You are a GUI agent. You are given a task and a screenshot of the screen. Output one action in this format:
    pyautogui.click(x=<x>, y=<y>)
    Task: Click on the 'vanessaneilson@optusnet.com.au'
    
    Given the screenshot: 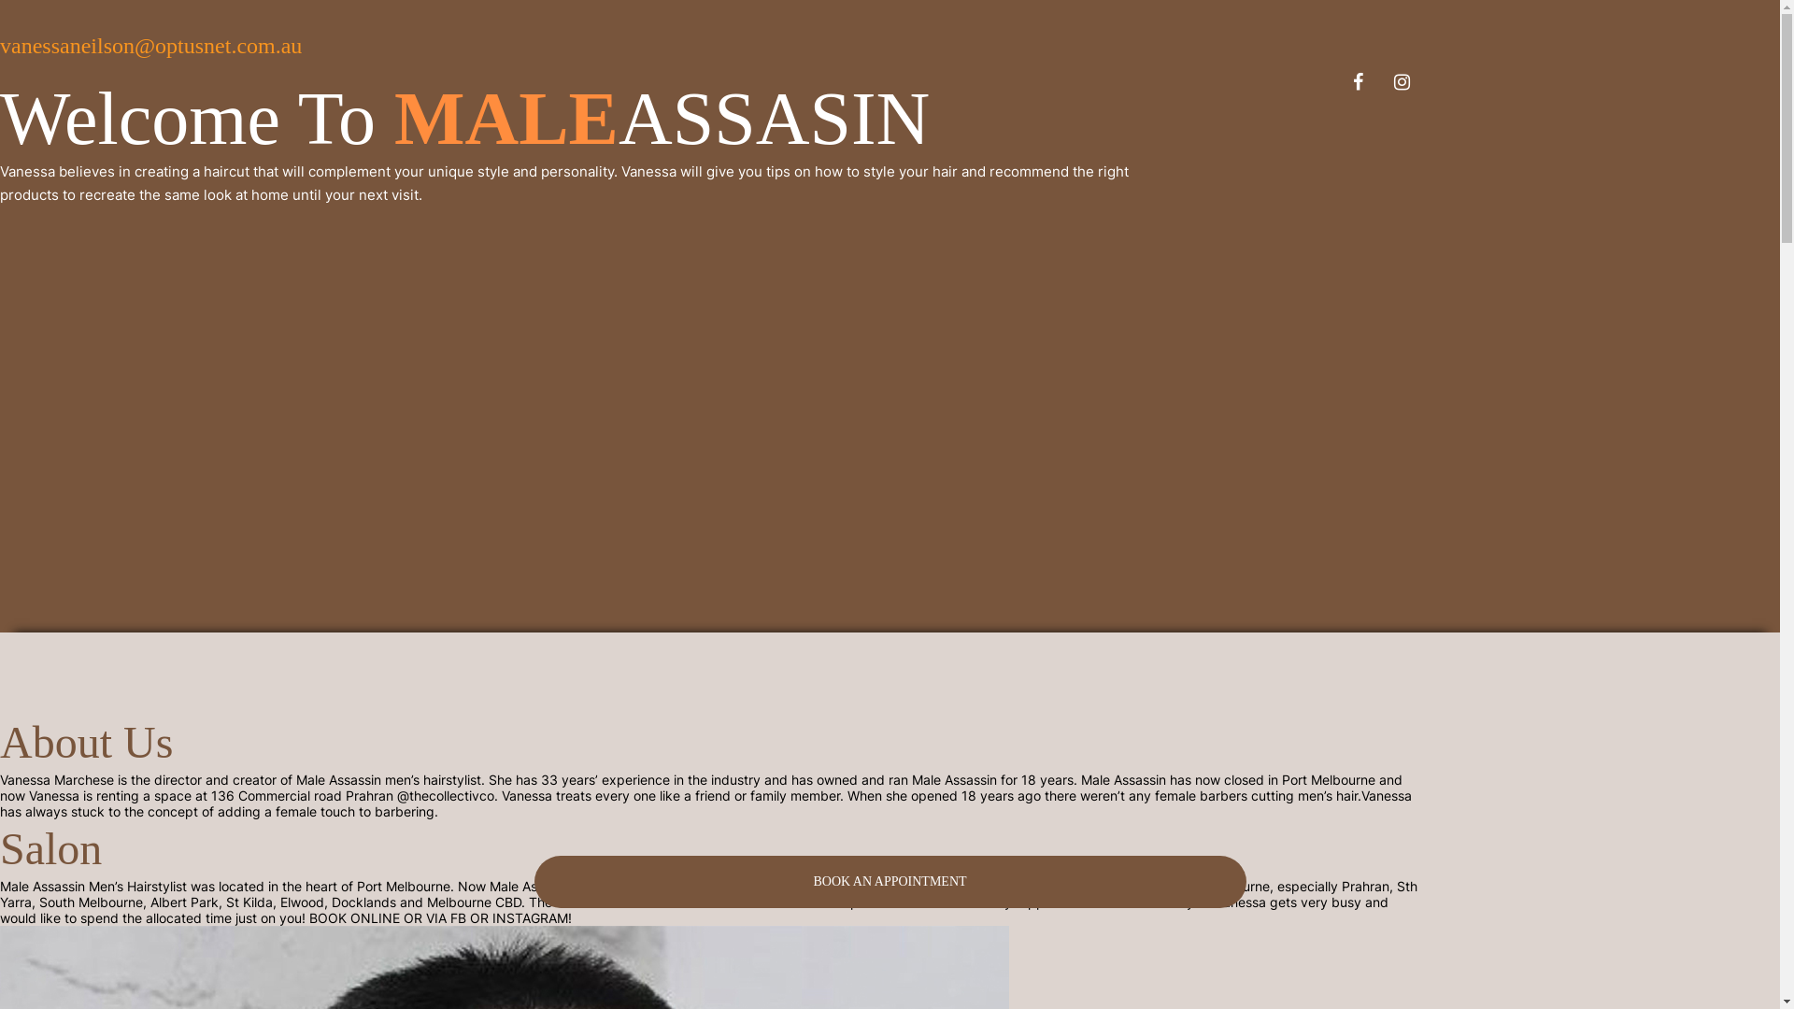 What is the action you would take?
    pyautogui.click(x=150, y=45)
    